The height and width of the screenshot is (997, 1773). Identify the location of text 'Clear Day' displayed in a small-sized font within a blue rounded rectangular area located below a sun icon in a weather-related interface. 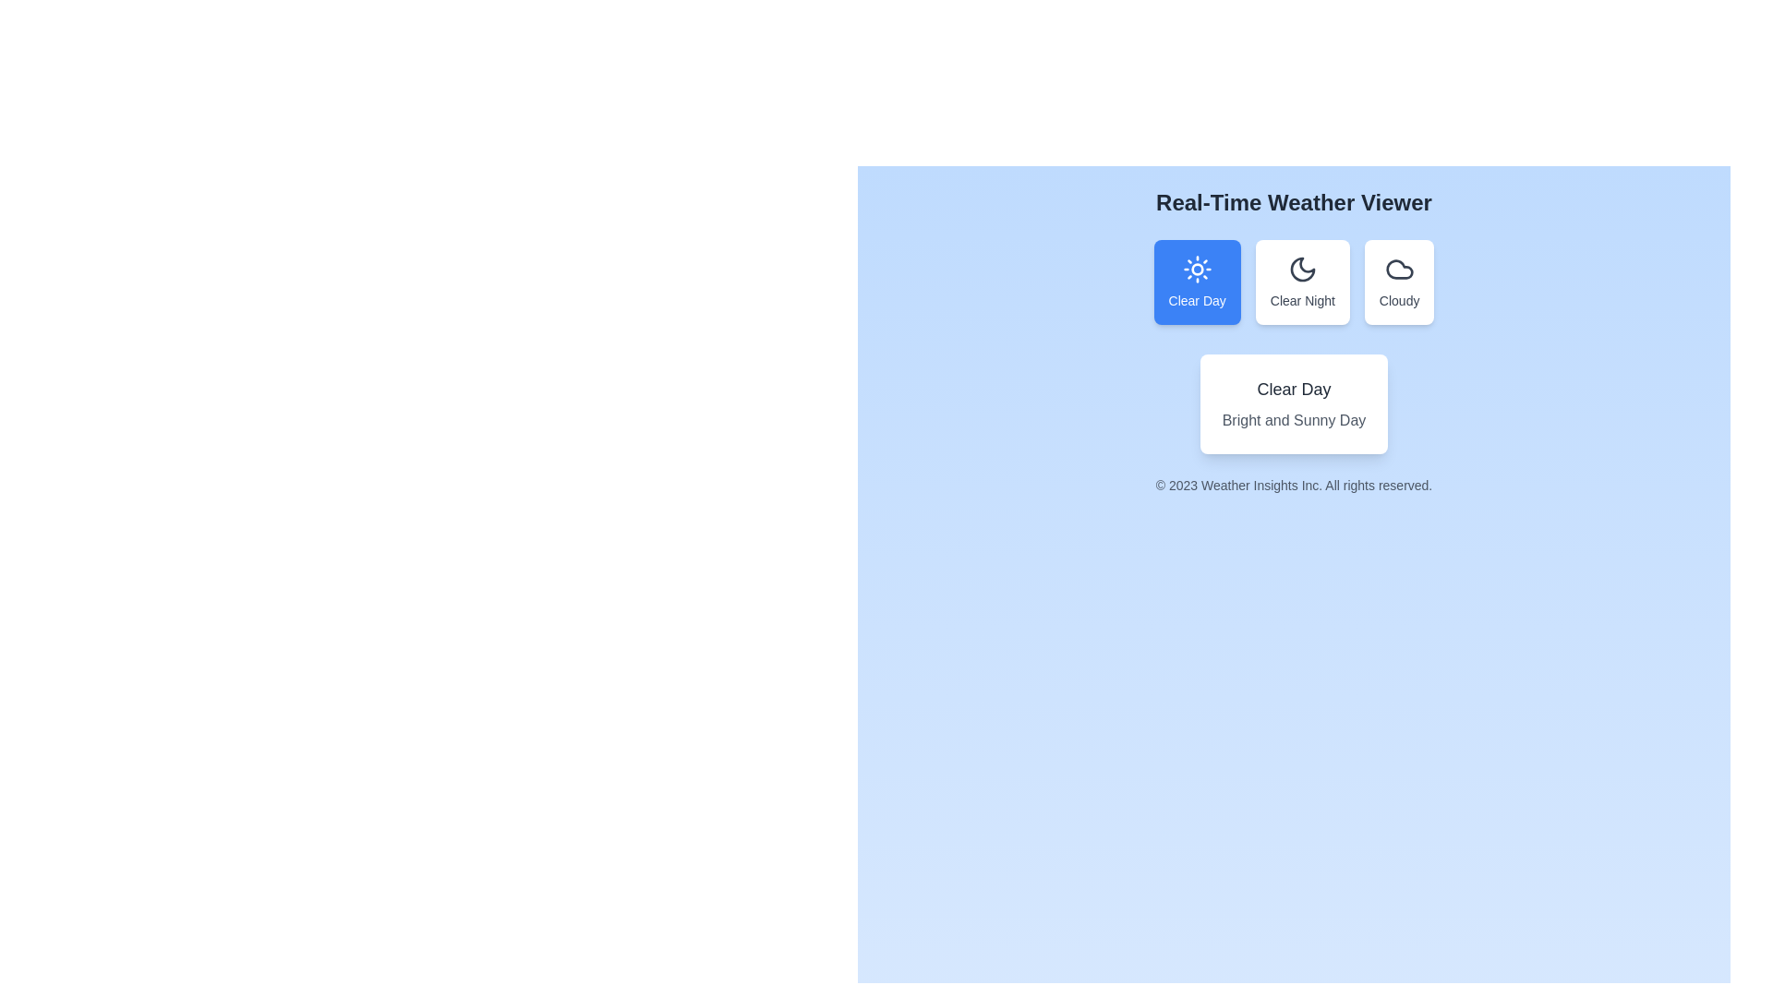
(1197, 300).